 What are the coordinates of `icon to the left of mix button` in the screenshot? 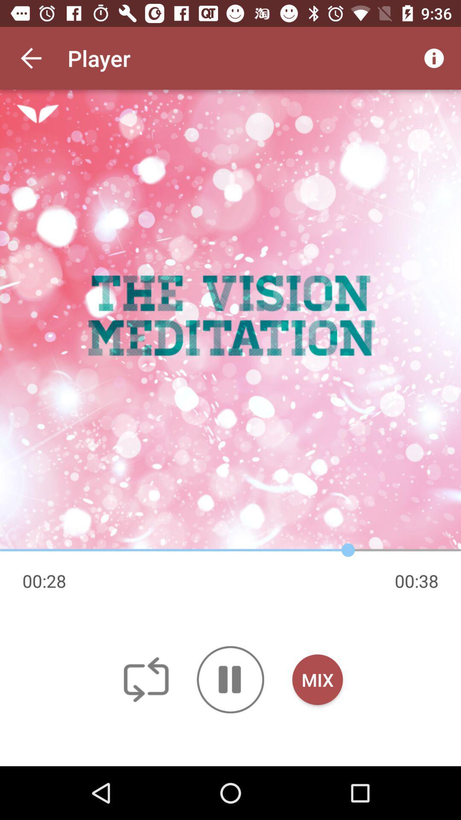 It's located at (230, 679).